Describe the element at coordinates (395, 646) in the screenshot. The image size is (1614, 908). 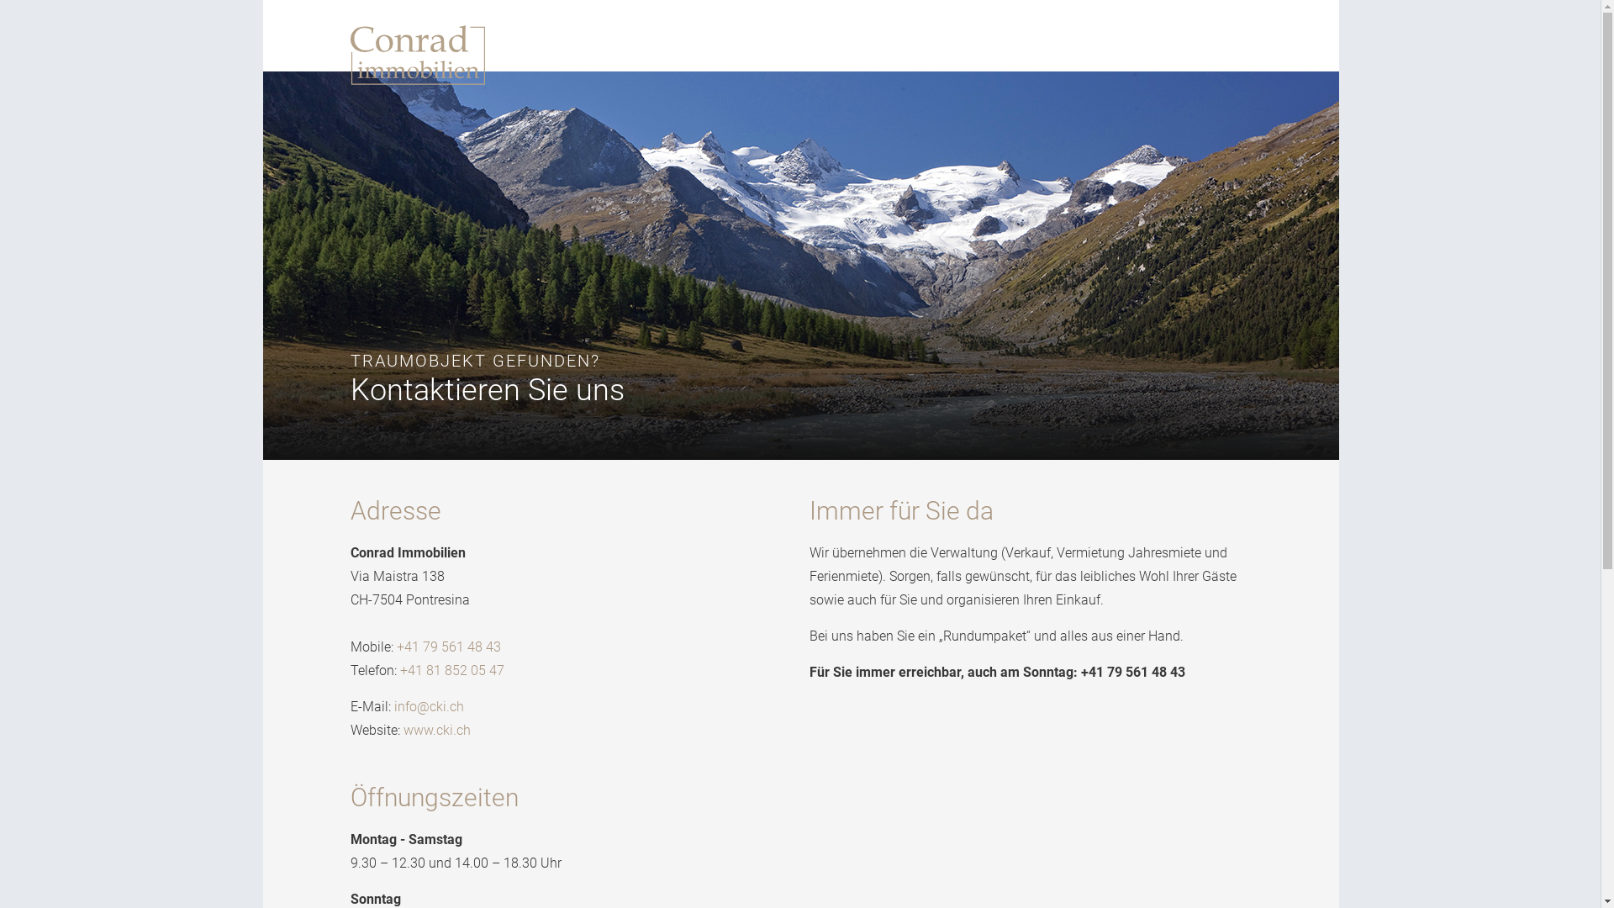
I see `'+41 79 561 48 43'` at that location.